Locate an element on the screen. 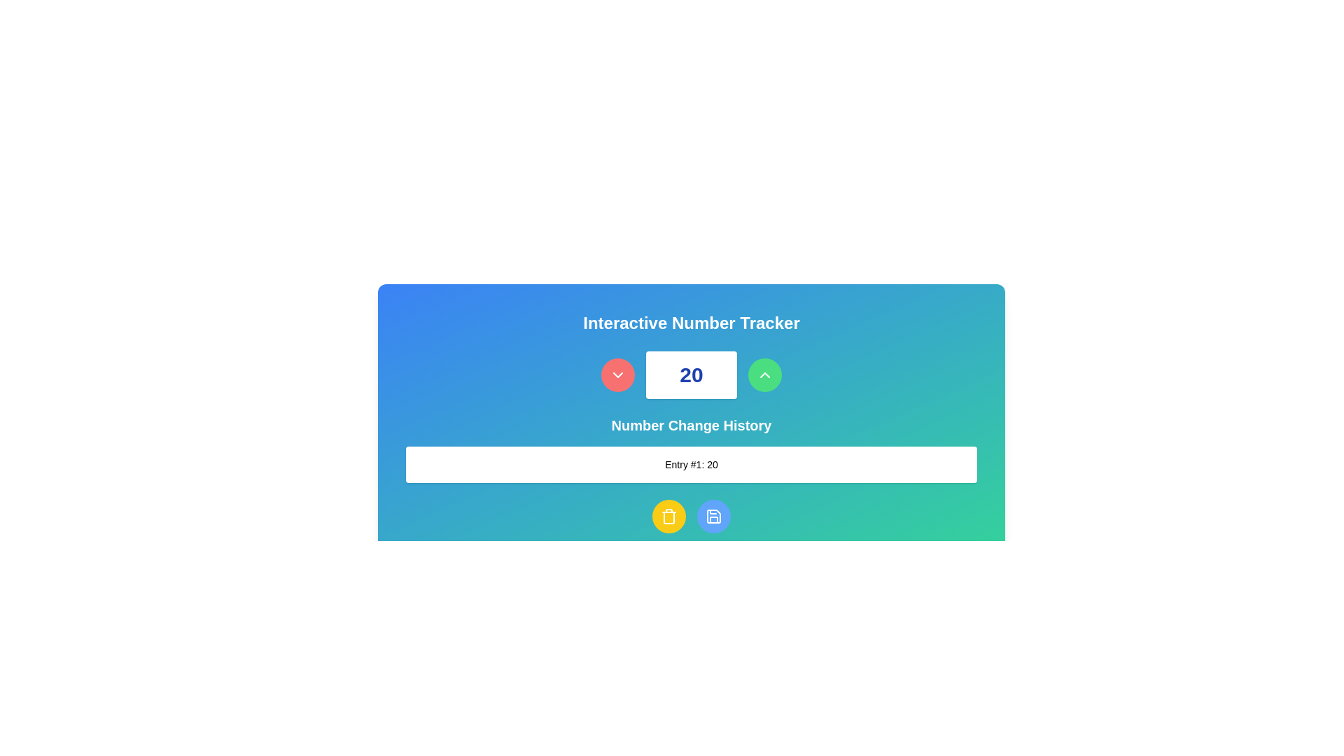 This screenshot has height=756, width=1344. the chevron icon located within the green circular button to the right of the number input field labeled '20' is located at coordinates (764, 374).